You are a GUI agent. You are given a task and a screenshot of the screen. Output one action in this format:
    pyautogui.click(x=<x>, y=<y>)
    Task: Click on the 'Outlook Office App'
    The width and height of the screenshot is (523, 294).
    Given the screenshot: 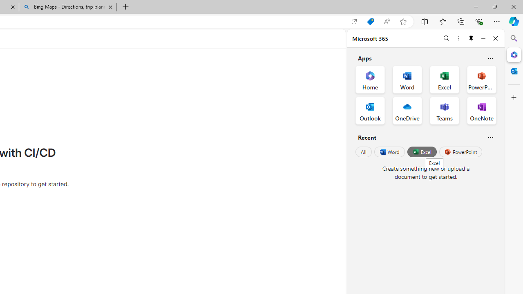 What is the action you would take?
    pyautogui.click(x=370, y=111)
    